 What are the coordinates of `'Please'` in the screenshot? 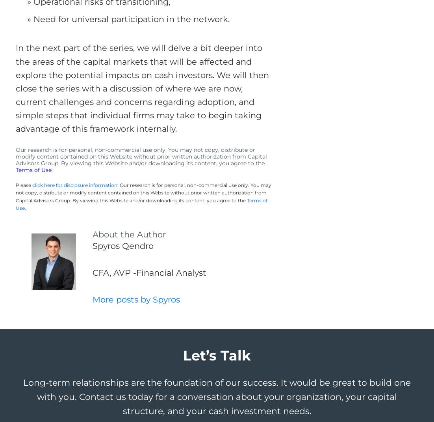 It's located at (24, 185).